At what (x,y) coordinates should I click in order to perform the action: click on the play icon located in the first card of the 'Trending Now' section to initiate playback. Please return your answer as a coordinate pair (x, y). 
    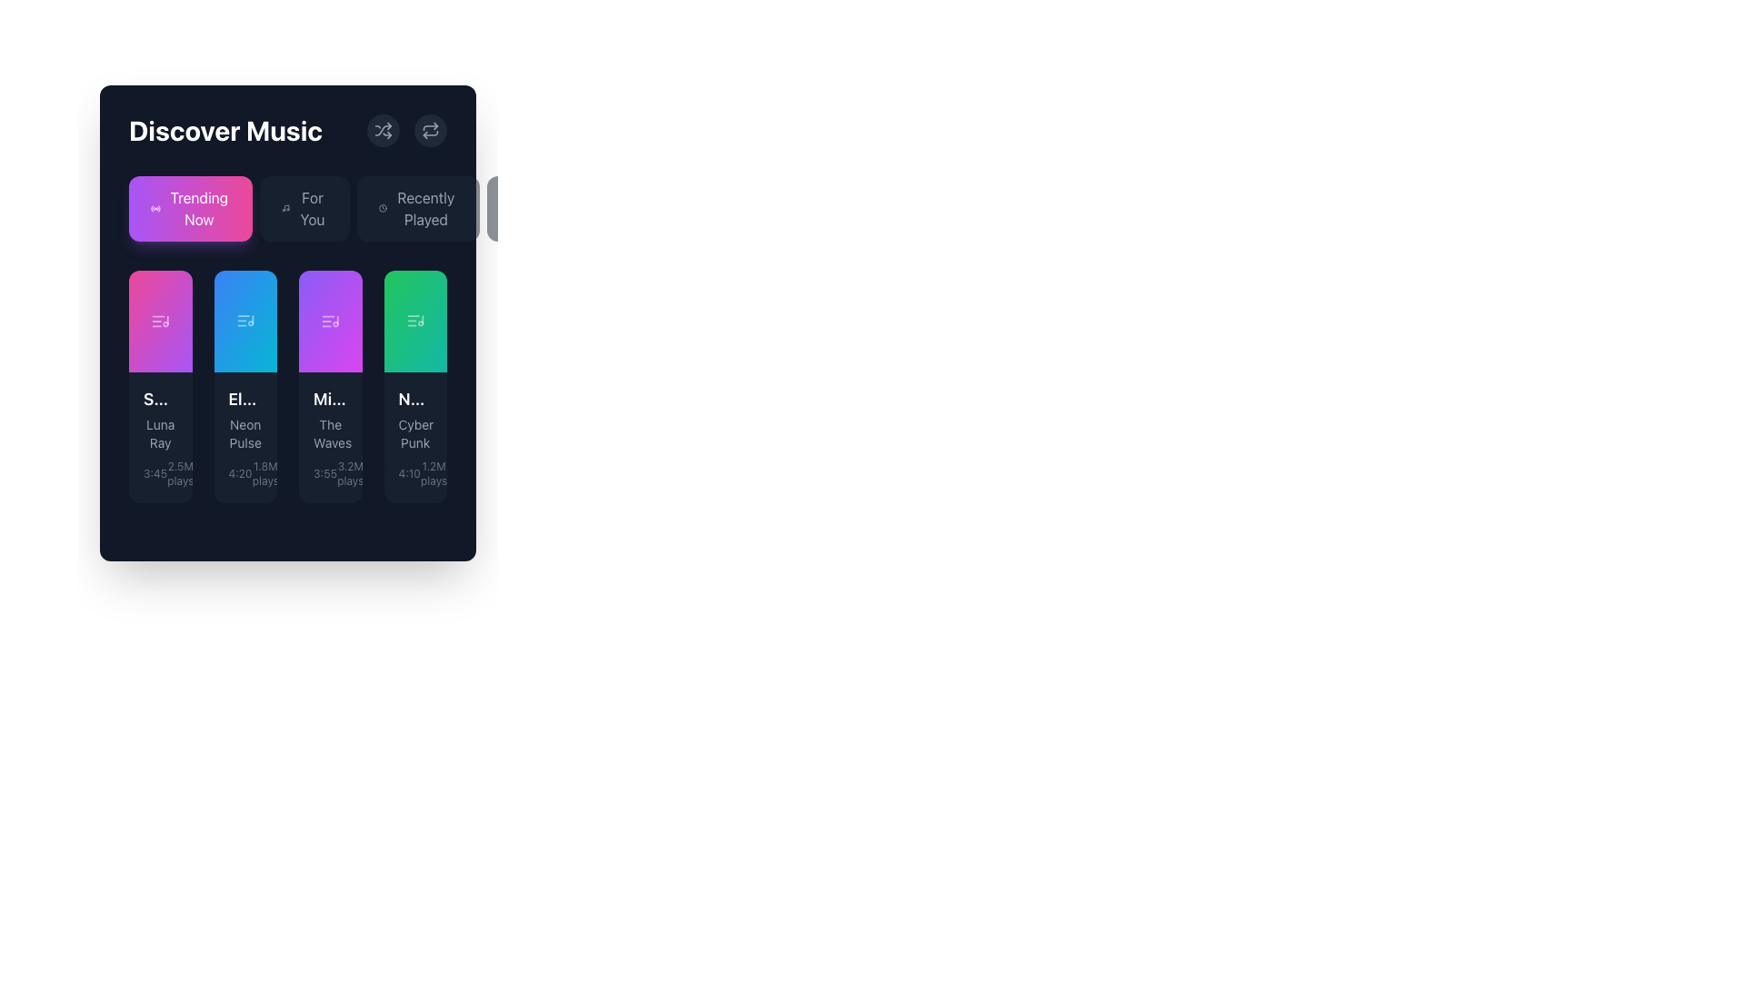
    Looking at the image, I should click on (162, 321).